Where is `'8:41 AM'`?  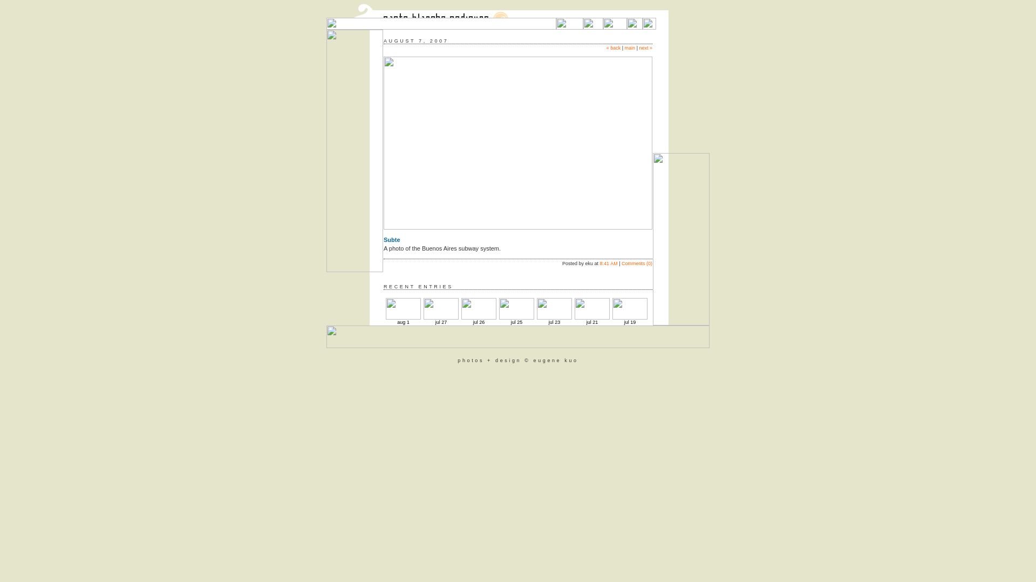 '8:41 AM' is located at coordinates (609, 264).